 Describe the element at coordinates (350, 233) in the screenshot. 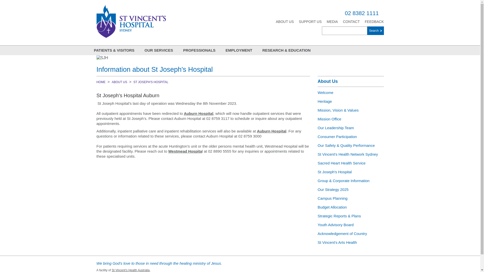

I see `'Acknowledgement of Country'` at that location.